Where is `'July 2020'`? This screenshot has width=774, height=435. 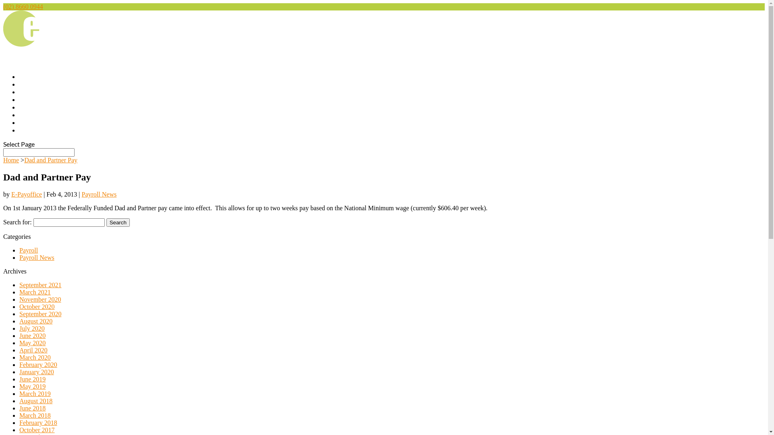 'July 2020' is located at coordinates (32, 328).